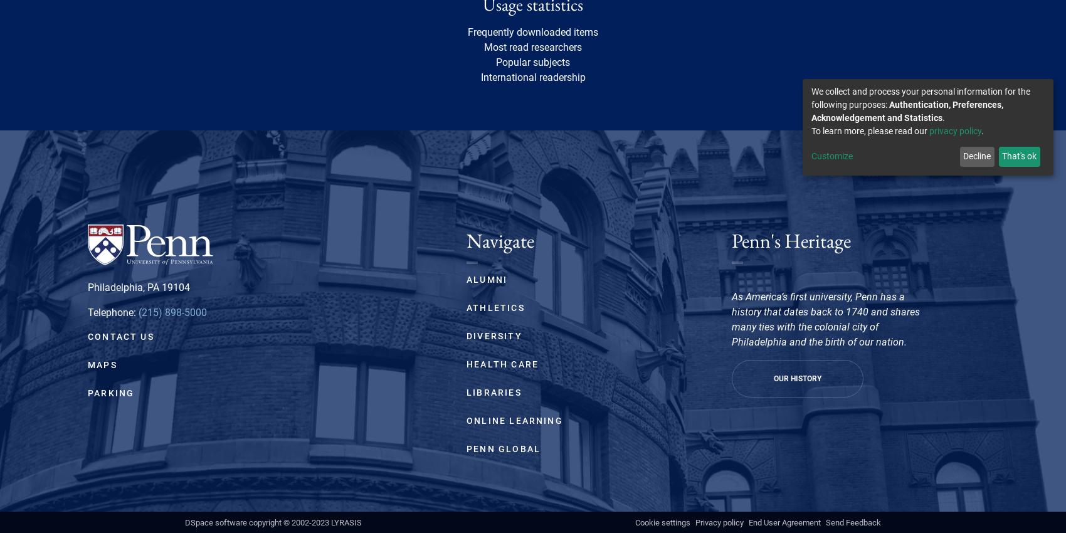  I want to click on 'Maps', so click(102, 364).